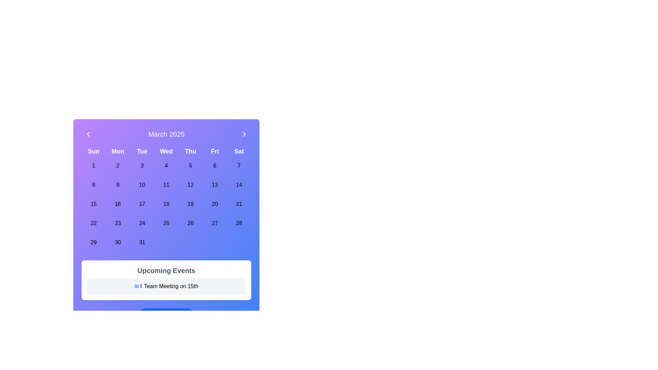  I want to click on the right-facing arrow icon located at the top right corner of the calendar interface, so click(244, 134).